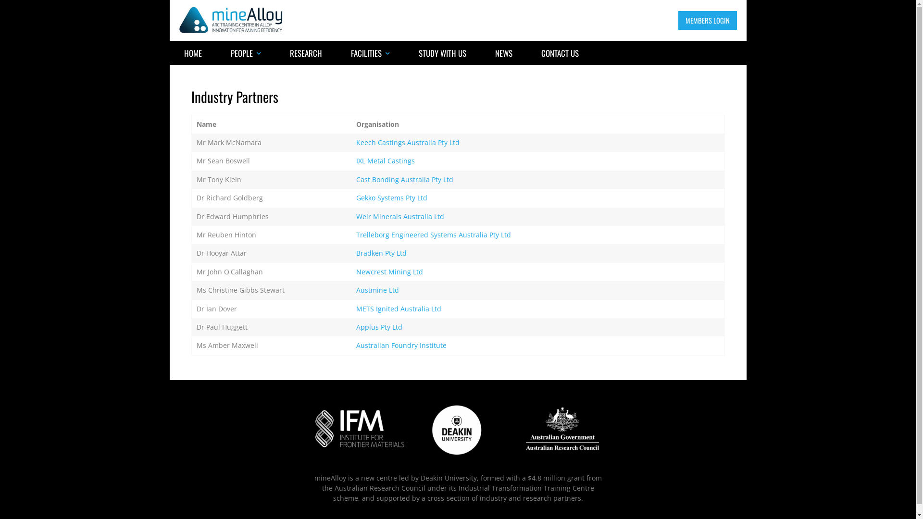  What do you see at coordinates (503, 53) in the screenshot?
I see `'NEWS'` at bounding box center [503, 53].